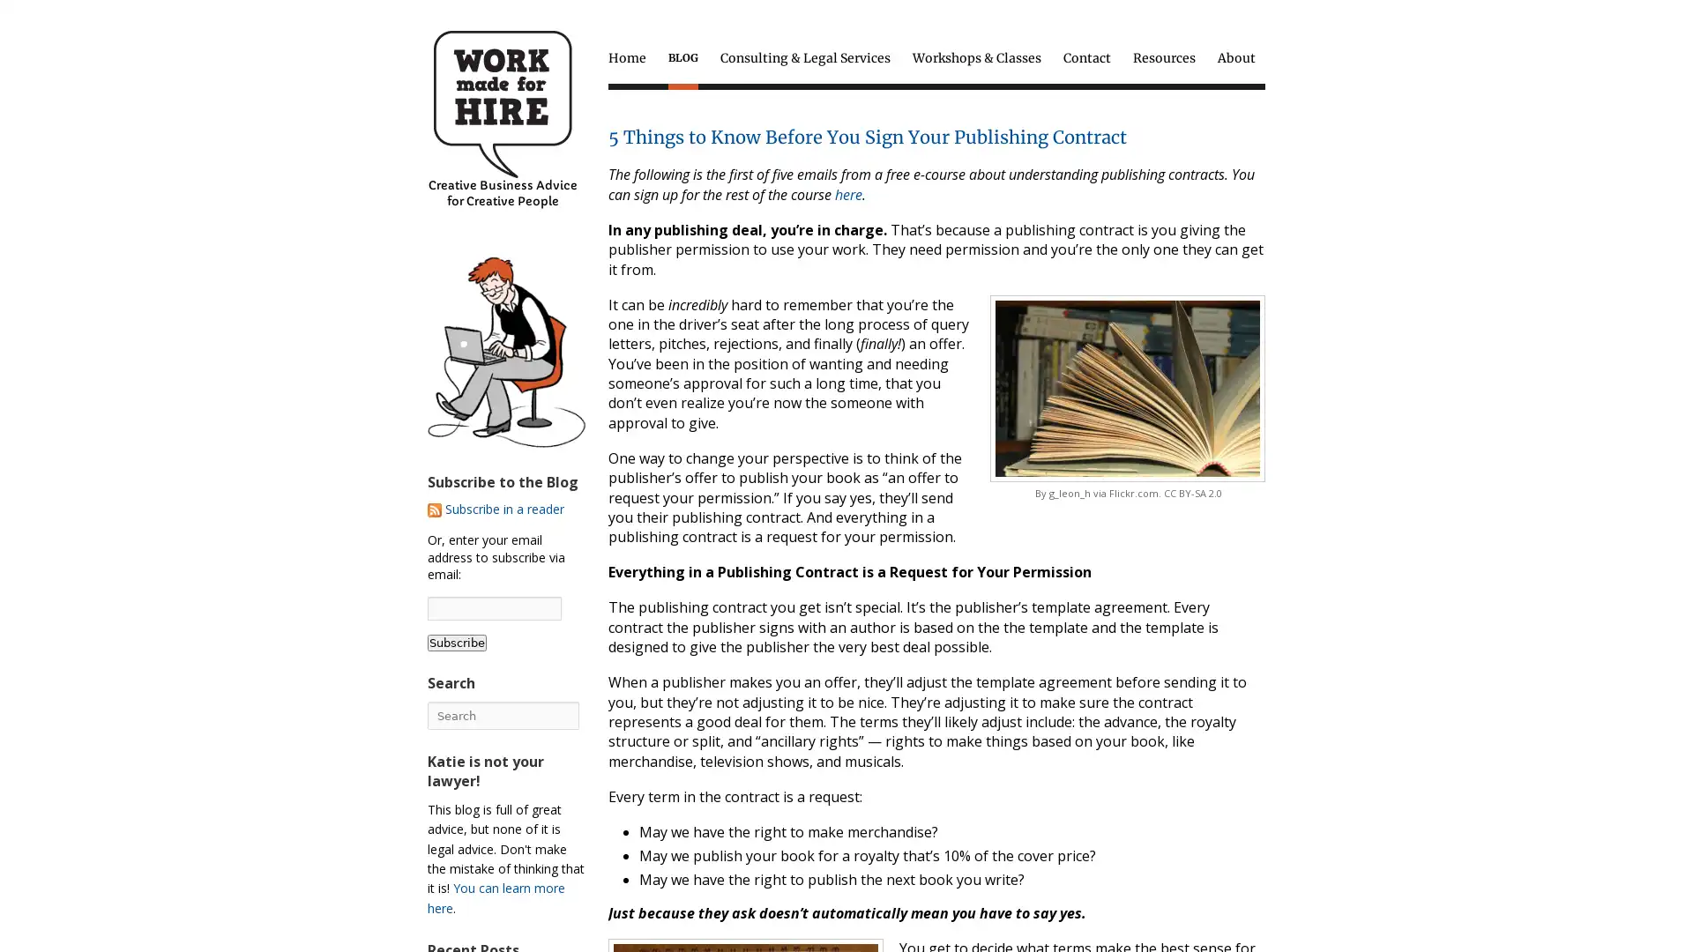 The height and width of the screenshot is (952, 1693). What do you see at coordinates (457, 642) in the screenshot?
I see `Subscribe` at bounding box center [457, 642].